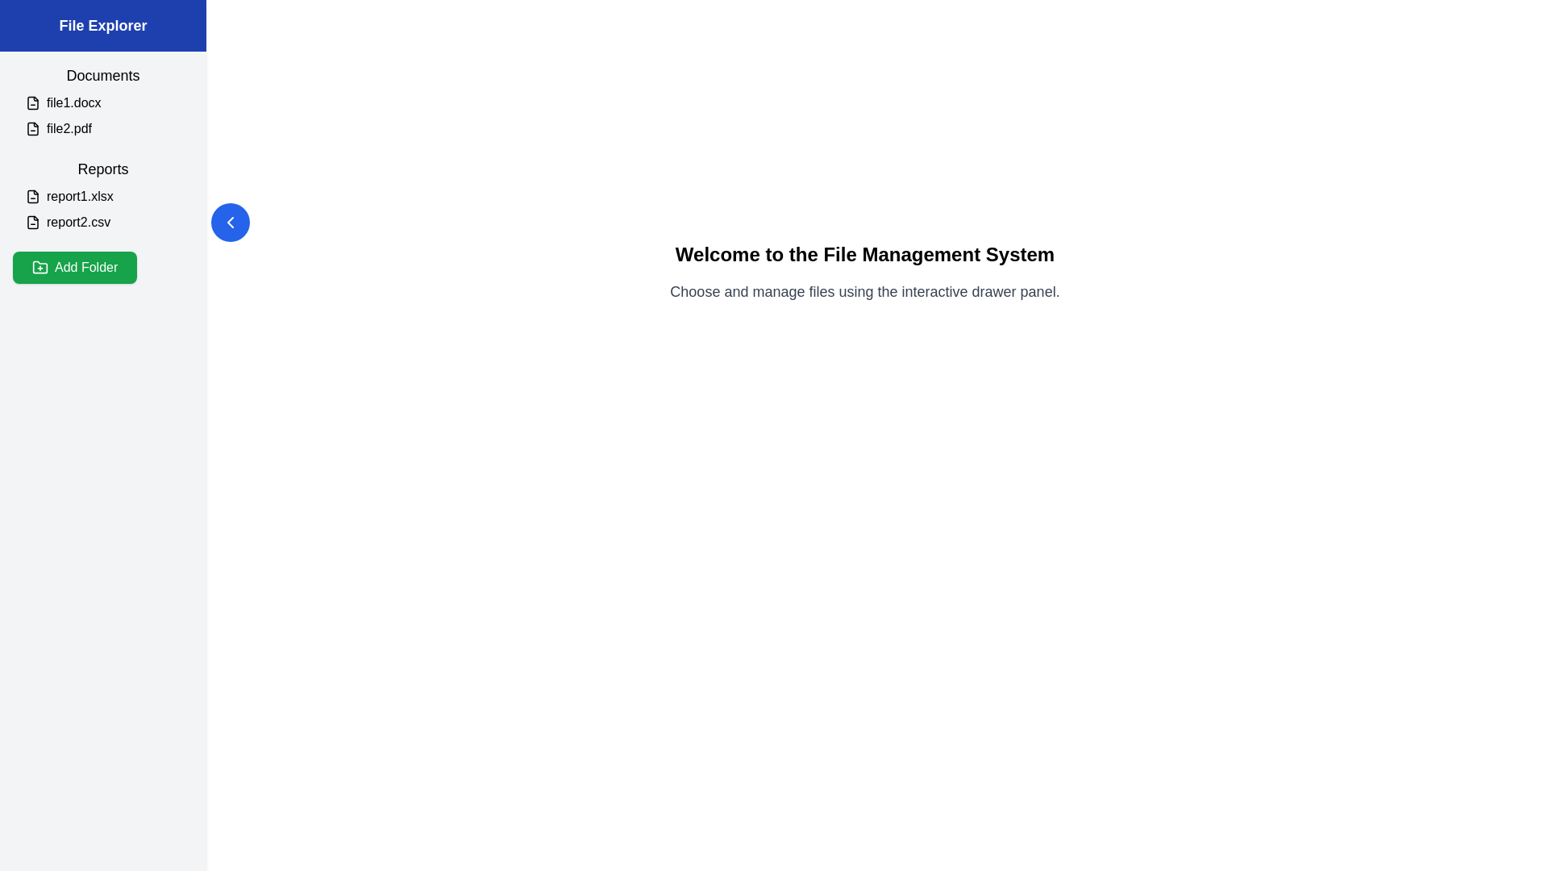 Image resolution: width=1548 pixels, height=871 pixels. I want to click on the text label 'report1.xlsx' with a file icon in the left navigation panel under the 'Reports' section, so click(108, 195).